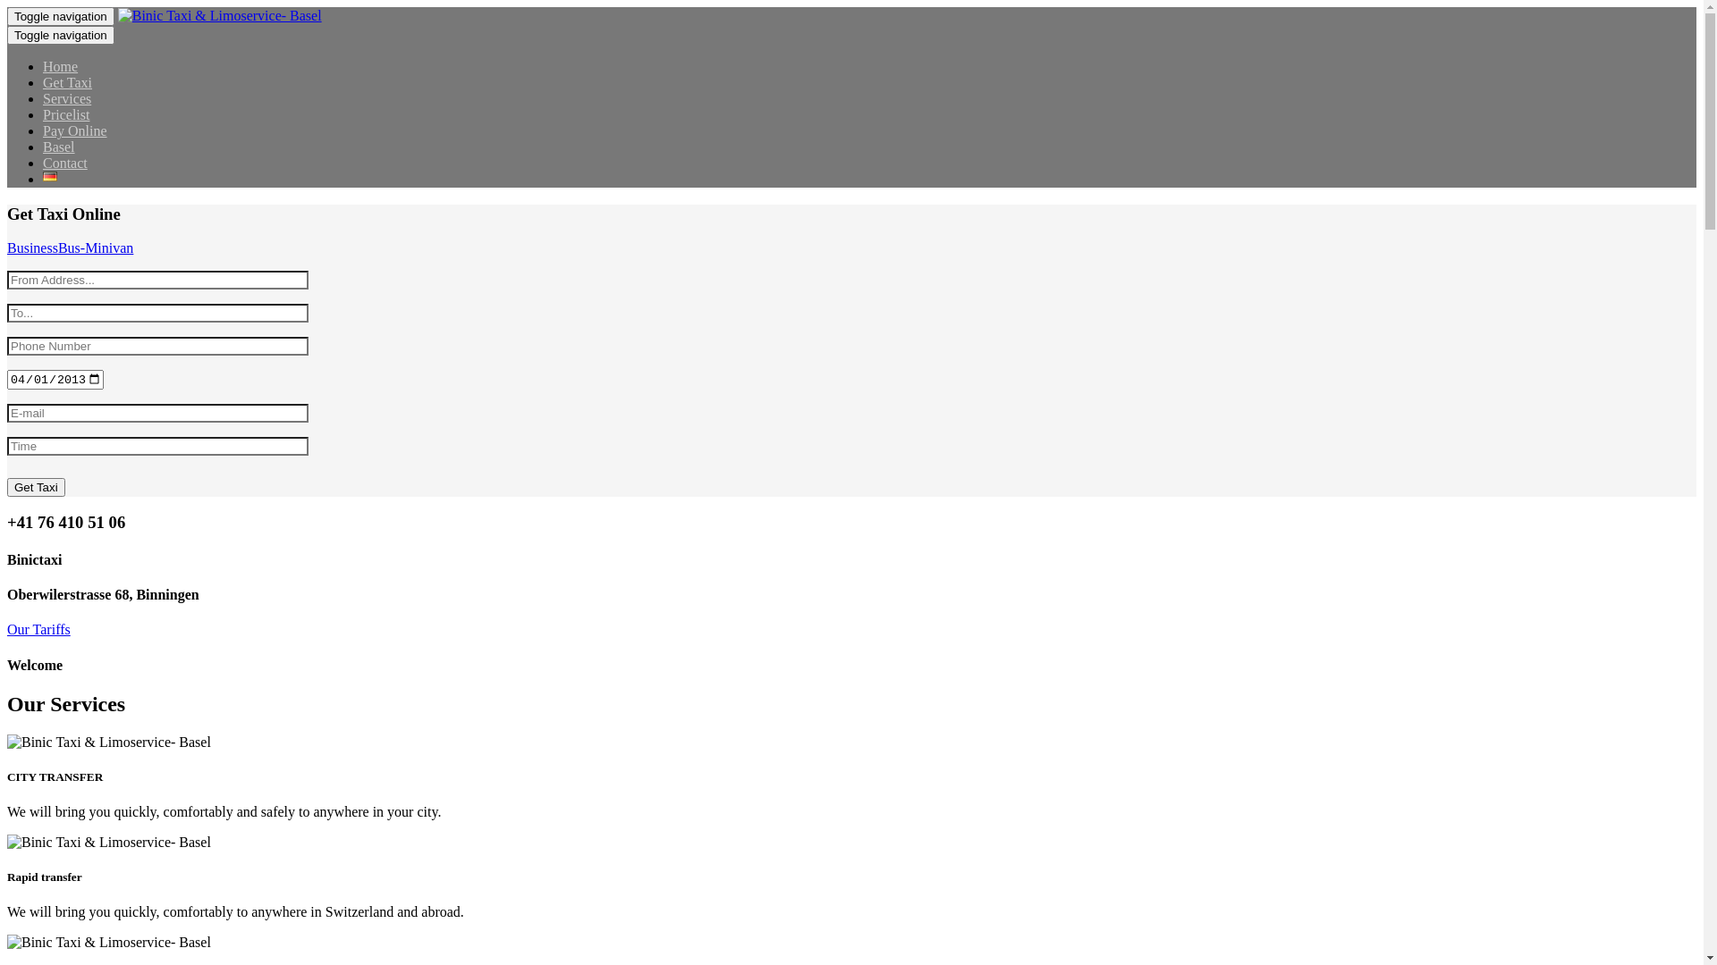  I want to click on 'Home', so click(43, 65).